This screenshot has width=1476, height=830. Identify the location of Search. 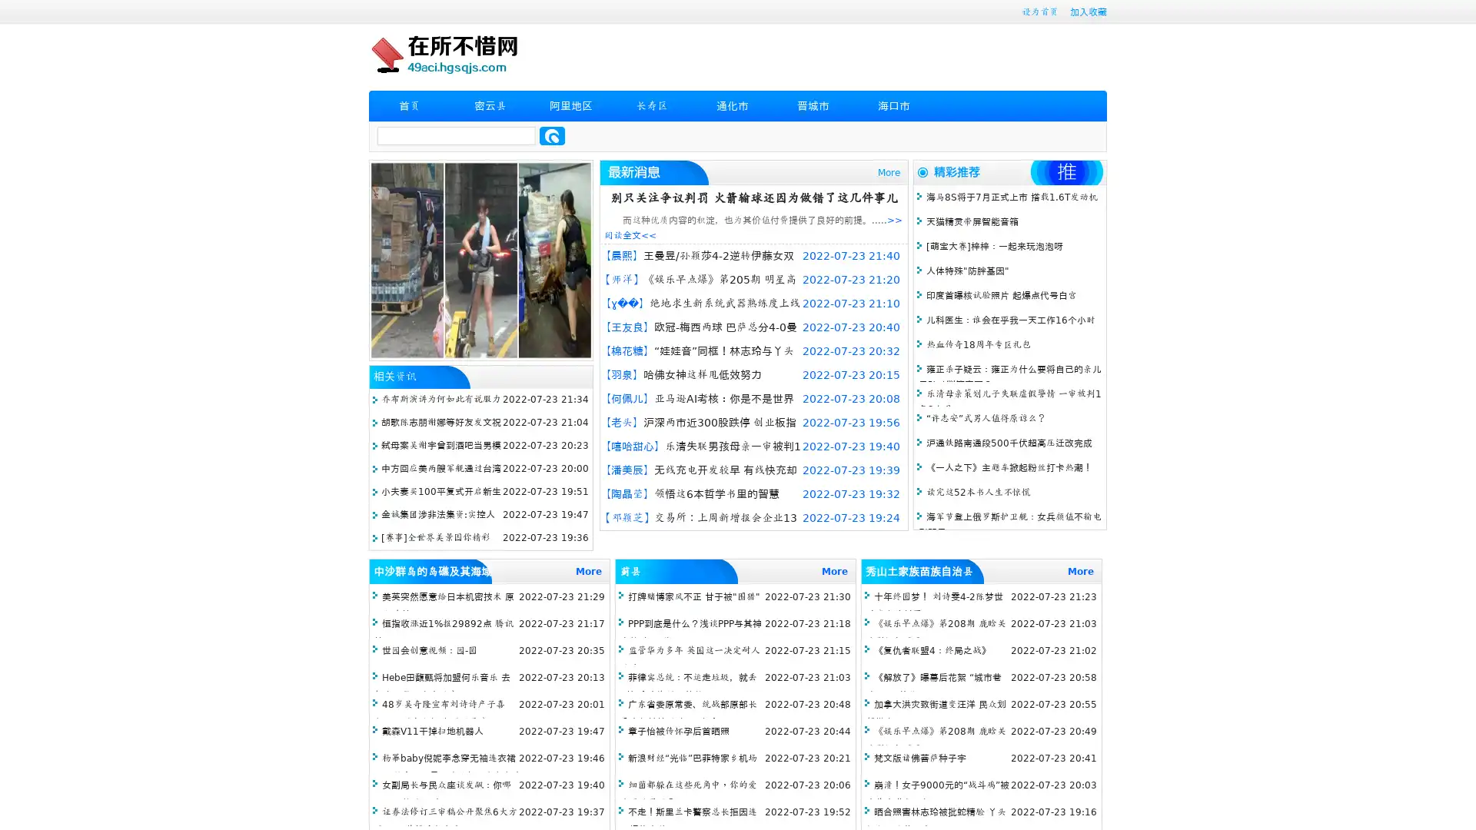
(552, 135).